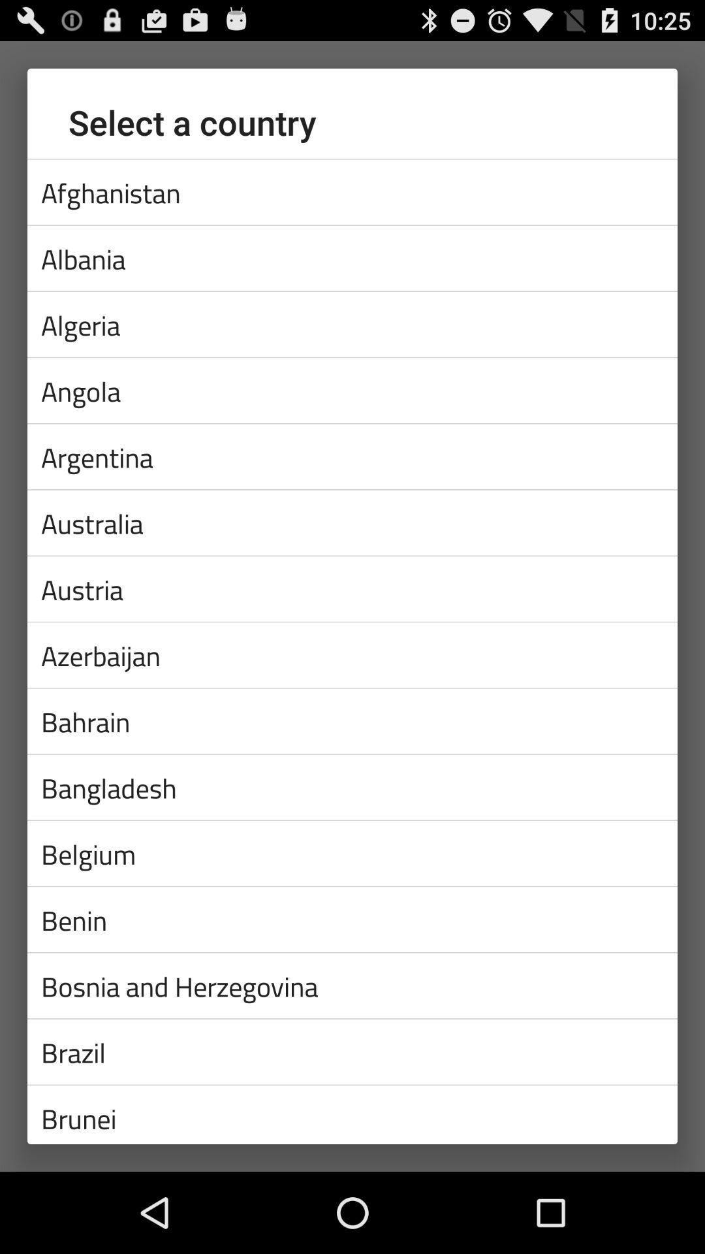 Image resolution: width=705 pixels, height=1254 pixels. I want to click on the bahrain icon, so click(352, 720).